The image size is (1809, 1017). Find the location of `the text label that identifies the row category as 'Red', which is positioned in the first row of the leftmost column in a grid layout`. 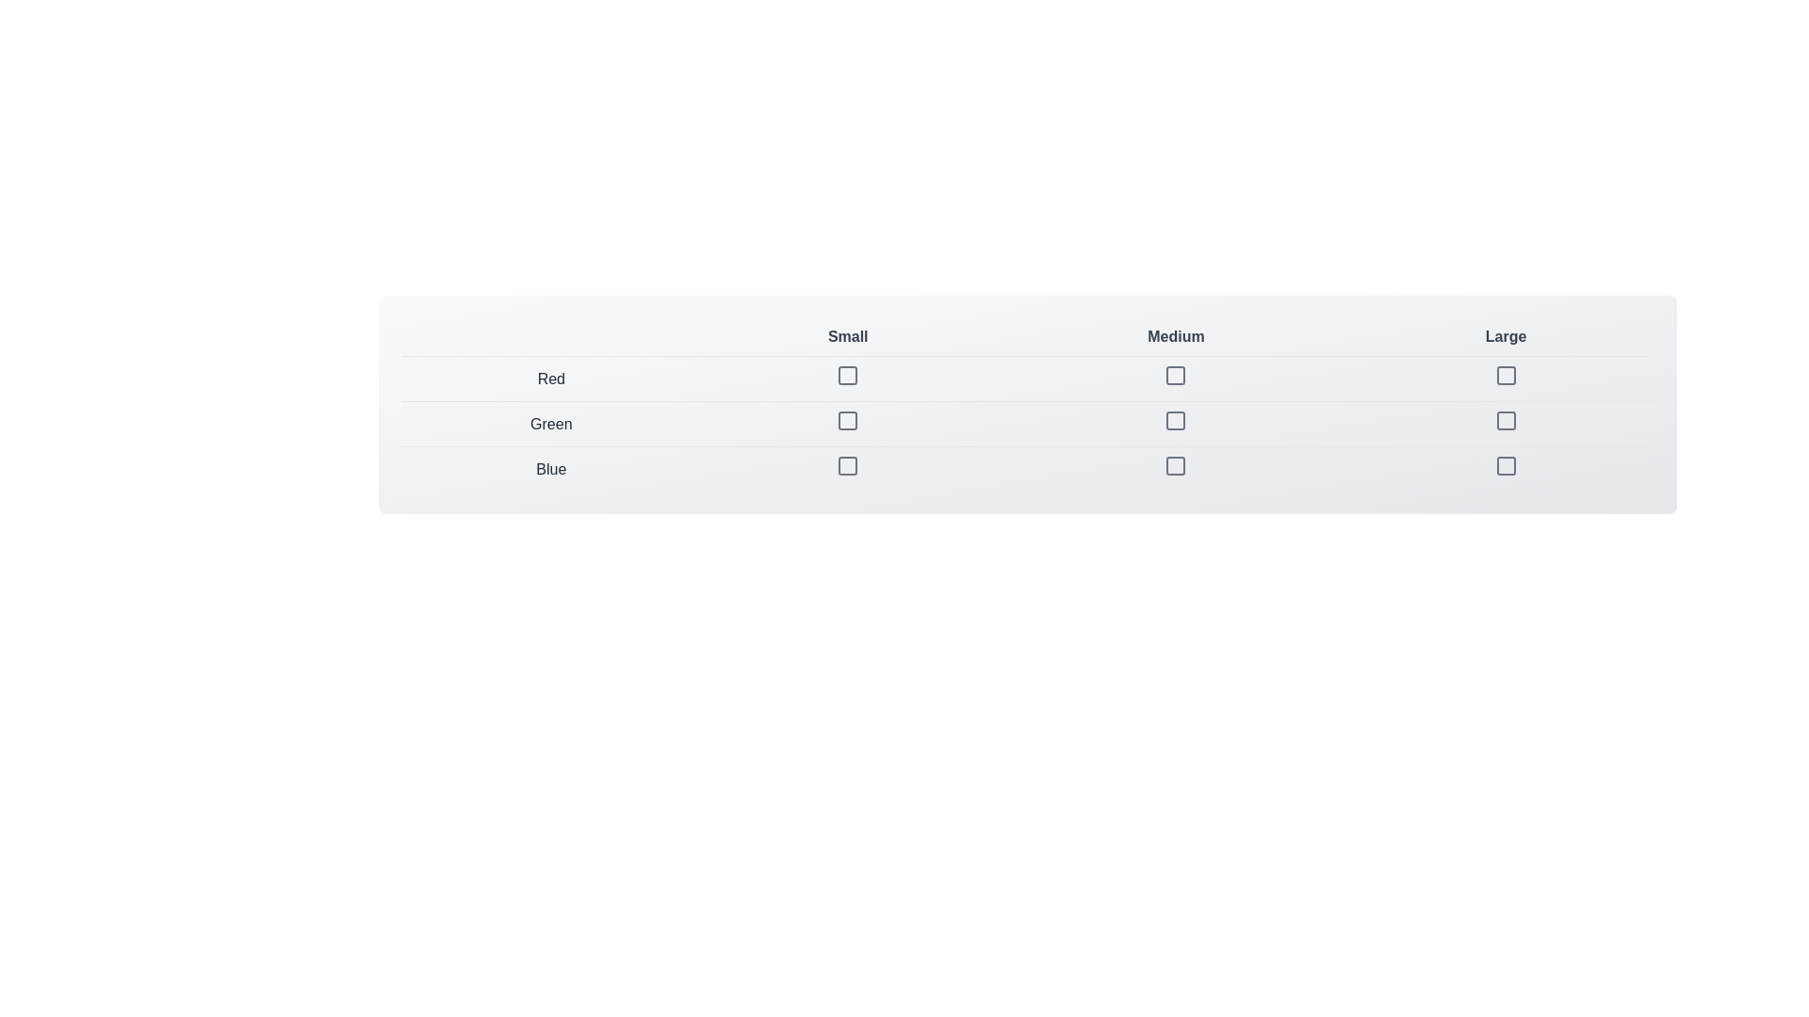

the text label that identifies the row category as 'Red', which is positioned in the first row of the leftmost column in a grid layout is located at coordinates (550, 379).